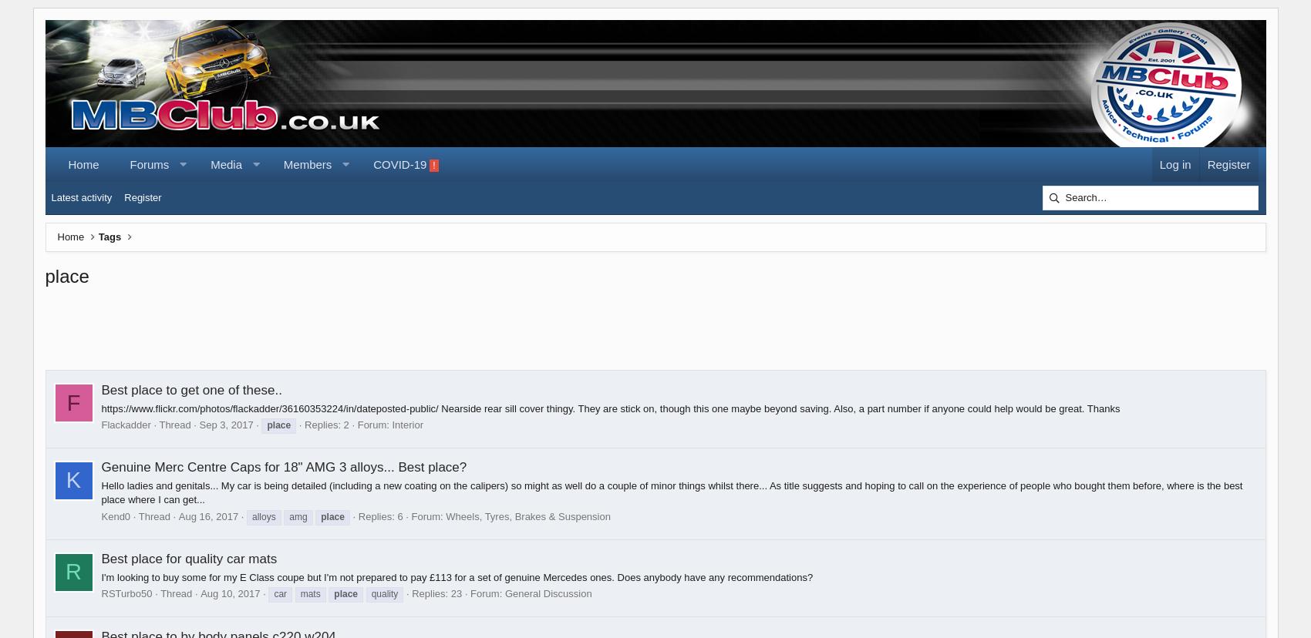 The image size is (1311, 638). I want to click on 'mats', so click(309, 594).